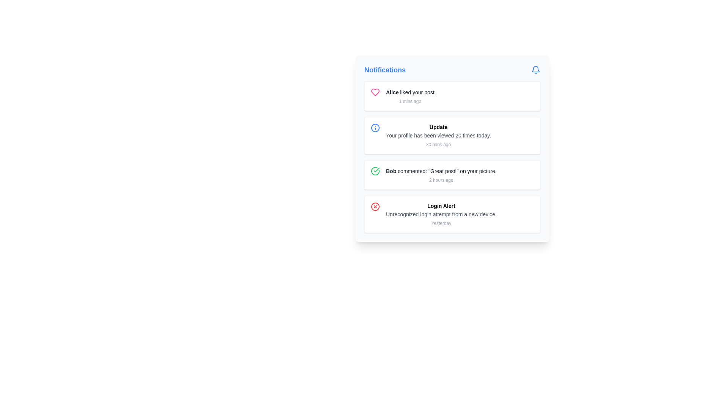 The image size is (728, 409). Describe the element at coordinates (438, 126) in the screenshot. I see `the heading text label of the notification card that summarizes the content, located at the top of the card` at that location.